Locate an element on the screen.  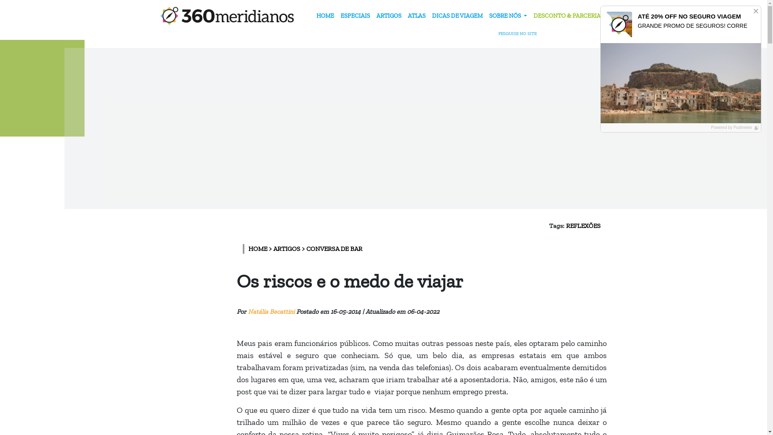
'DESCONTO & PARCERIAS' is located at coordinates (568, 16).